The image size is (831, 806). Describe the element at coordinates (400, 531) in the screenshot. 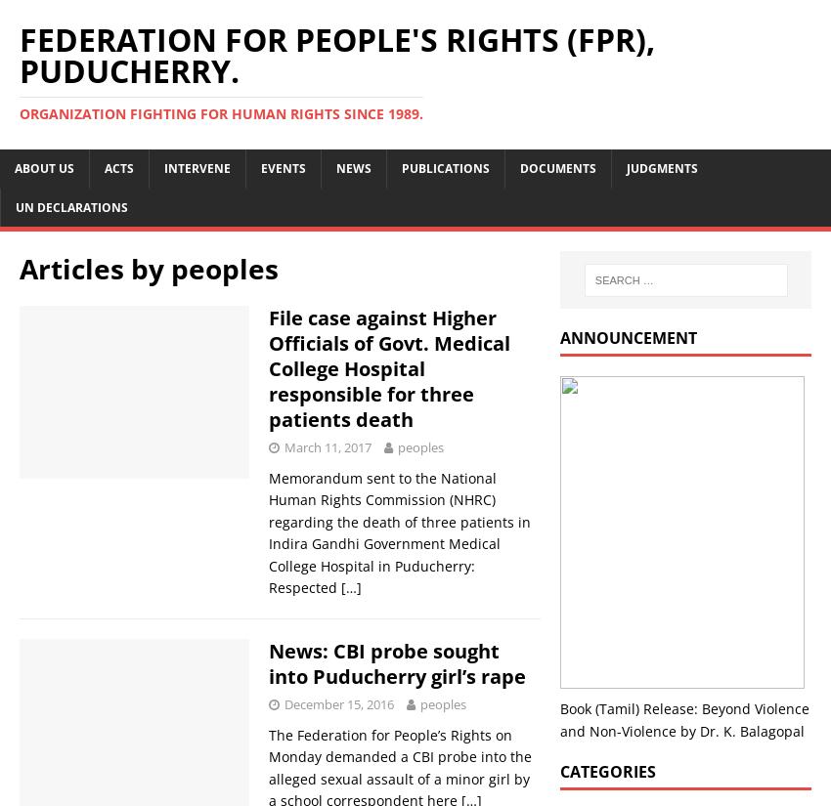

I see `'Memorandum sent to the National Human Rights Commission (NHRC) regarding the death of three patients in Indira Gandhi Government Medical College Hospital in Puducherry: Respected'` at that location.